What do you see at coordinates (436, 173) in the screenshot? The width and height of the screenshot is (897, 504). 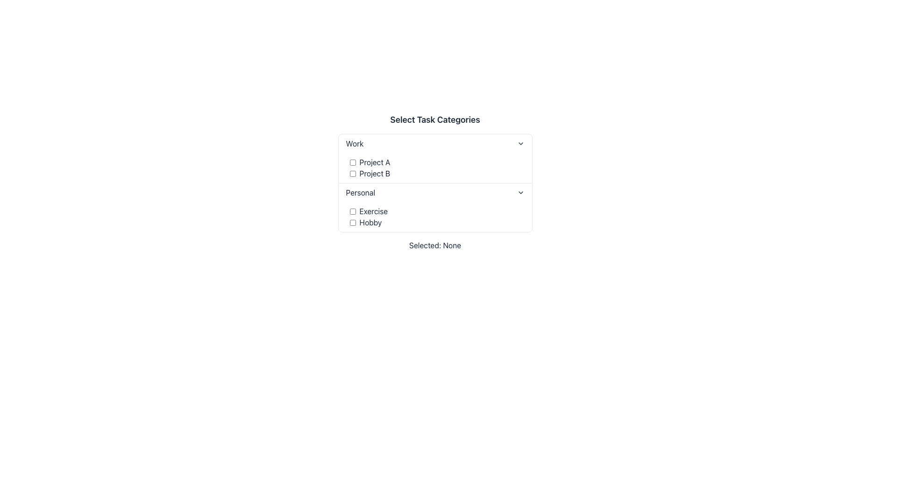 I see `the checkbox labeled 'Project B'` at bounding box center [436, 173].